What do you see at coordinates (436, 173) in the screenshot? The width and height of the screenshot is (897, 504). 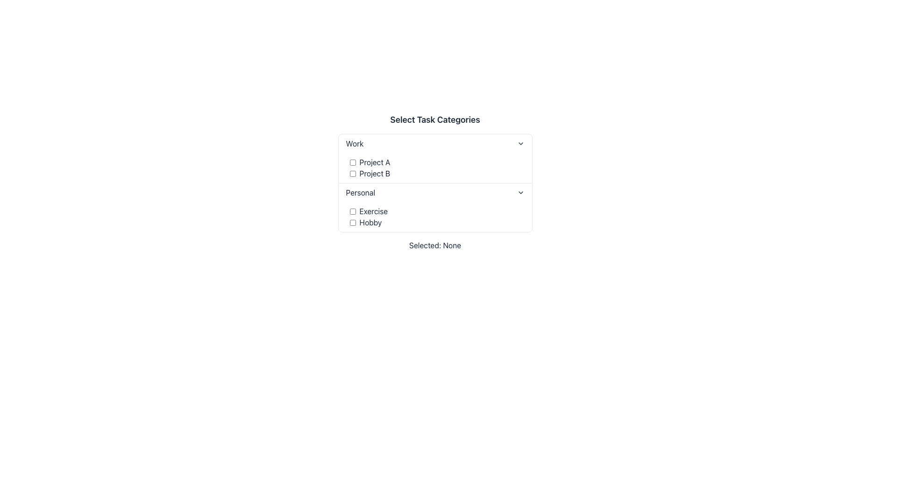 I see `the checkbox labeled 'Project B'` at bounding box center [436, 173].